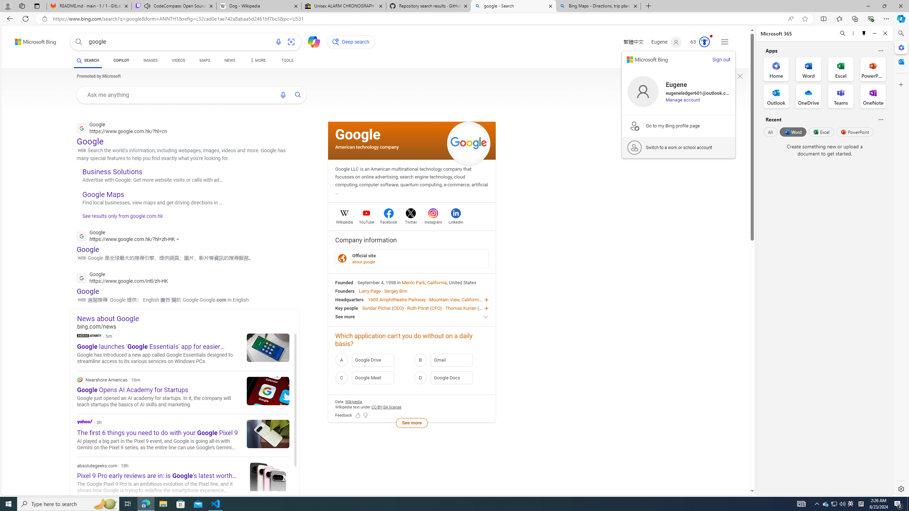  I want to click on 'google - Search', so click(513, 6).